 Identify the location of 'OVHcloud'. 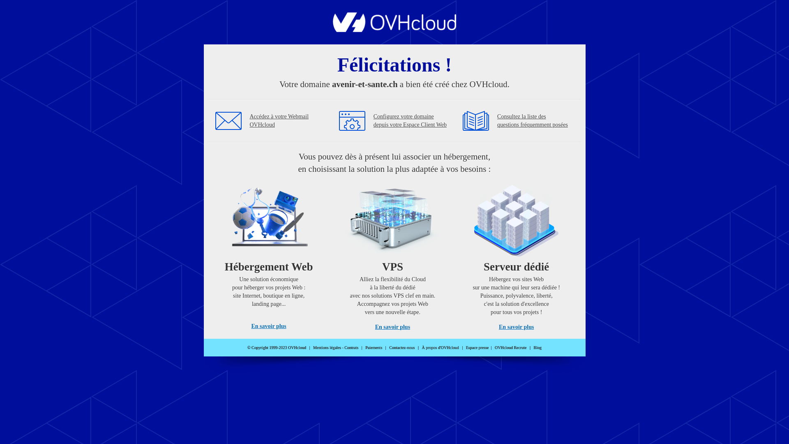
(333, 29).